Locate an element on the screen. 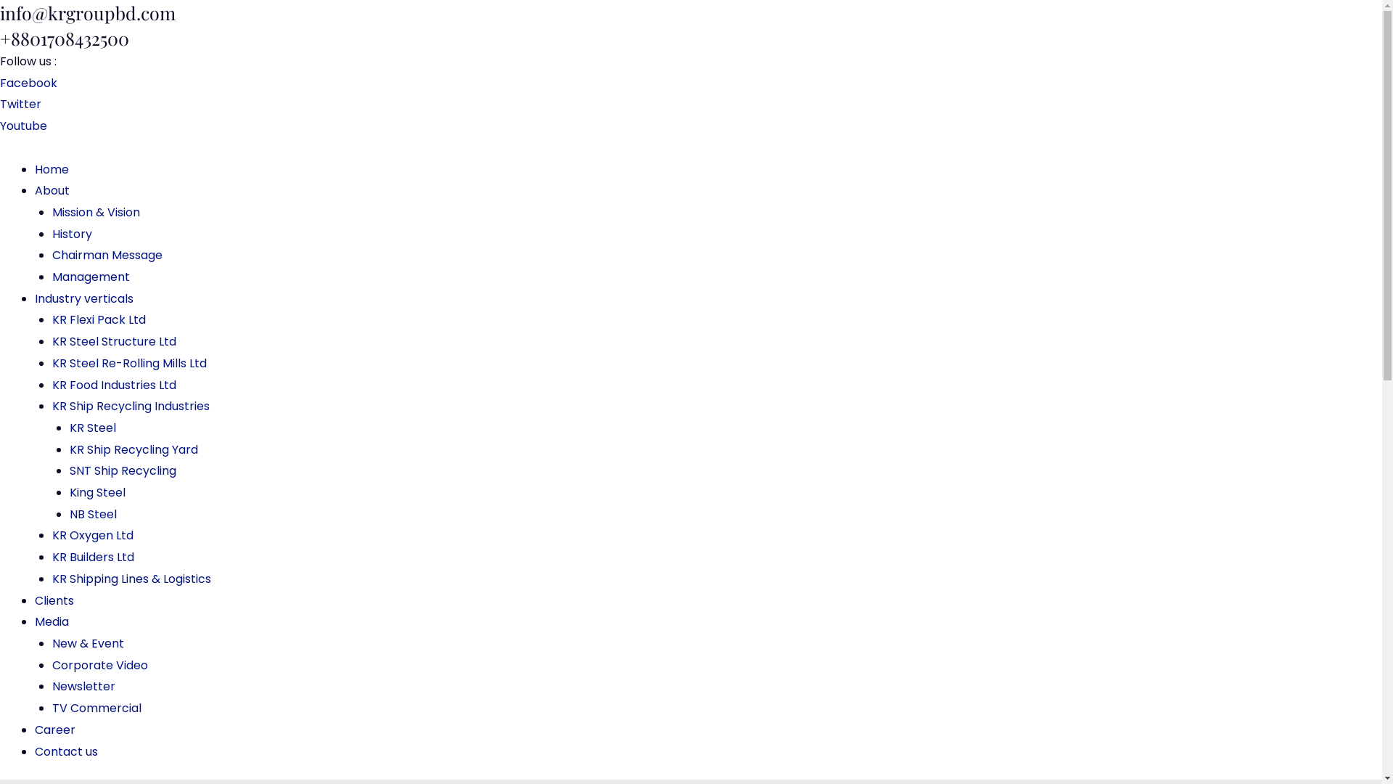  'Mission & Vision' is located at coordinates (95, 212).